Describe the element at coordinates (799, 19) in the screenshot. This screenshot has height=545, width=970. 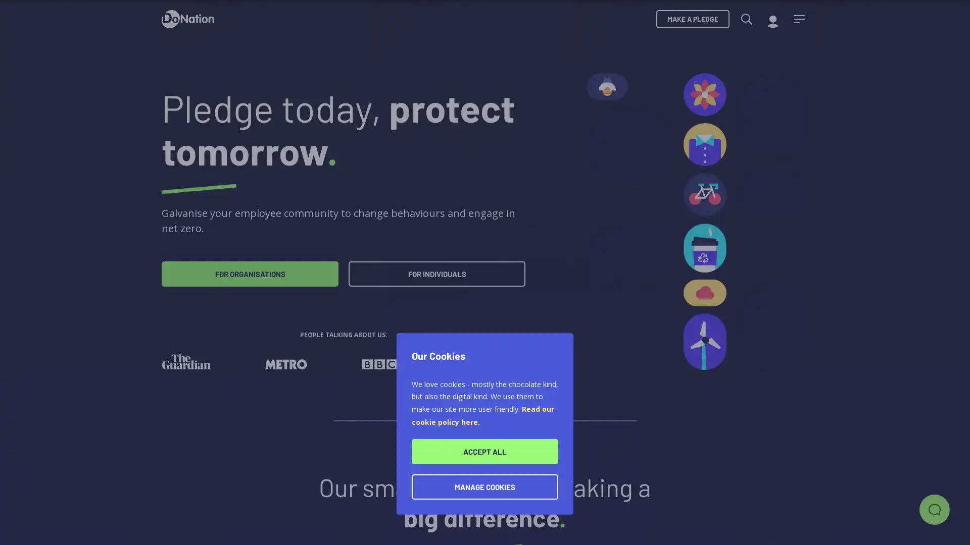
I see `Menu` at that location.